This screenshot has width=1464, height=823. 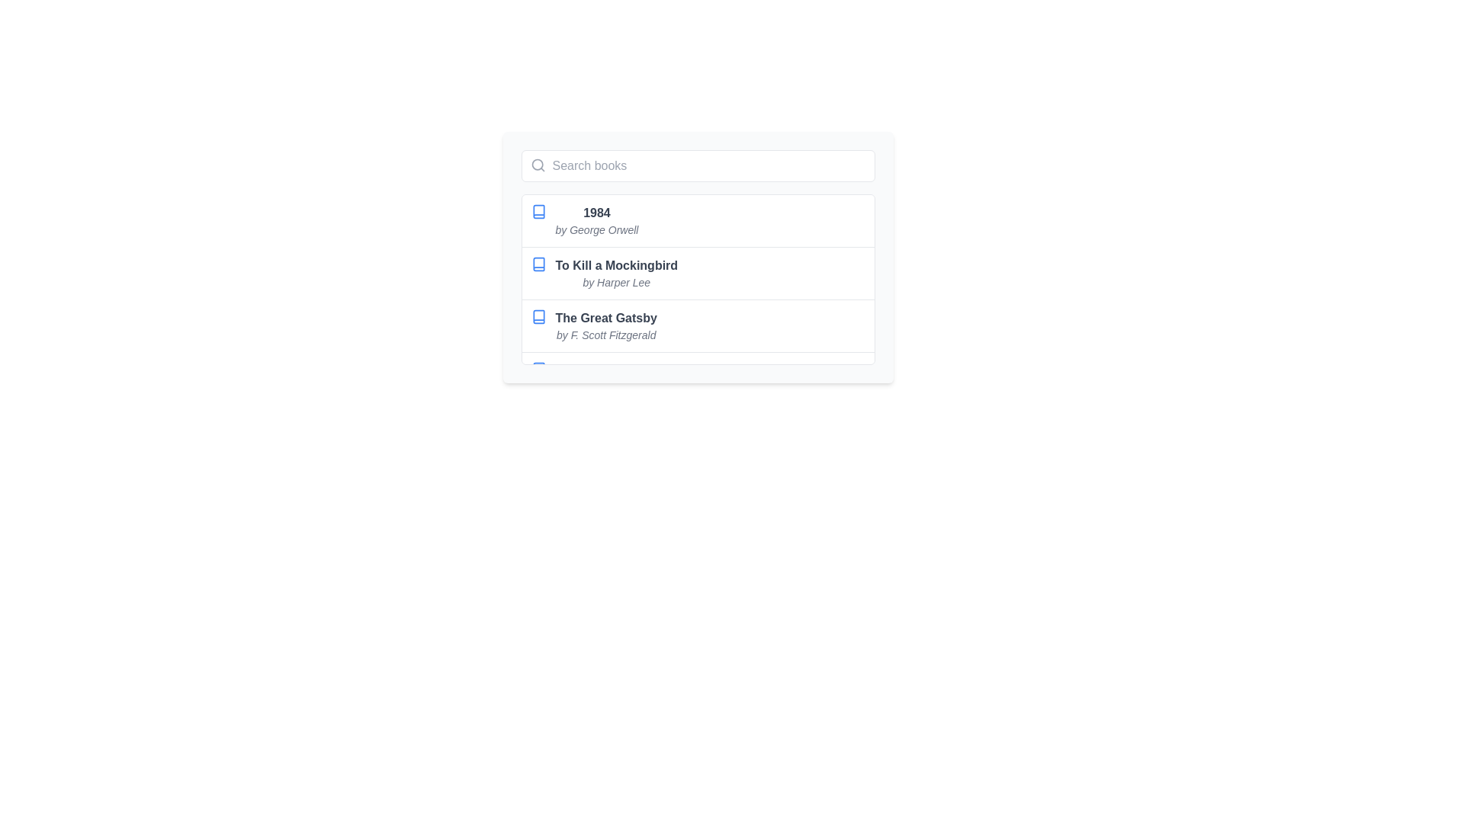 What do you see at coordinates (538, 165) in the screenshot?
I see `the circular gray magnifying glass icon located inside the search bar, adjacent to the placeholder text 'Search books'` at bounding box center [538, 165].